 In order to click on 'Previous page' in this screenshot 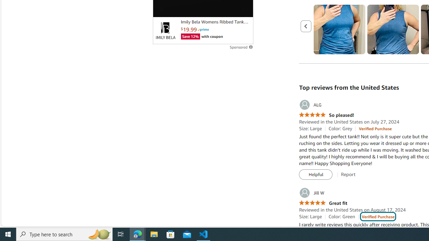, I will do `click(306, 25)`.